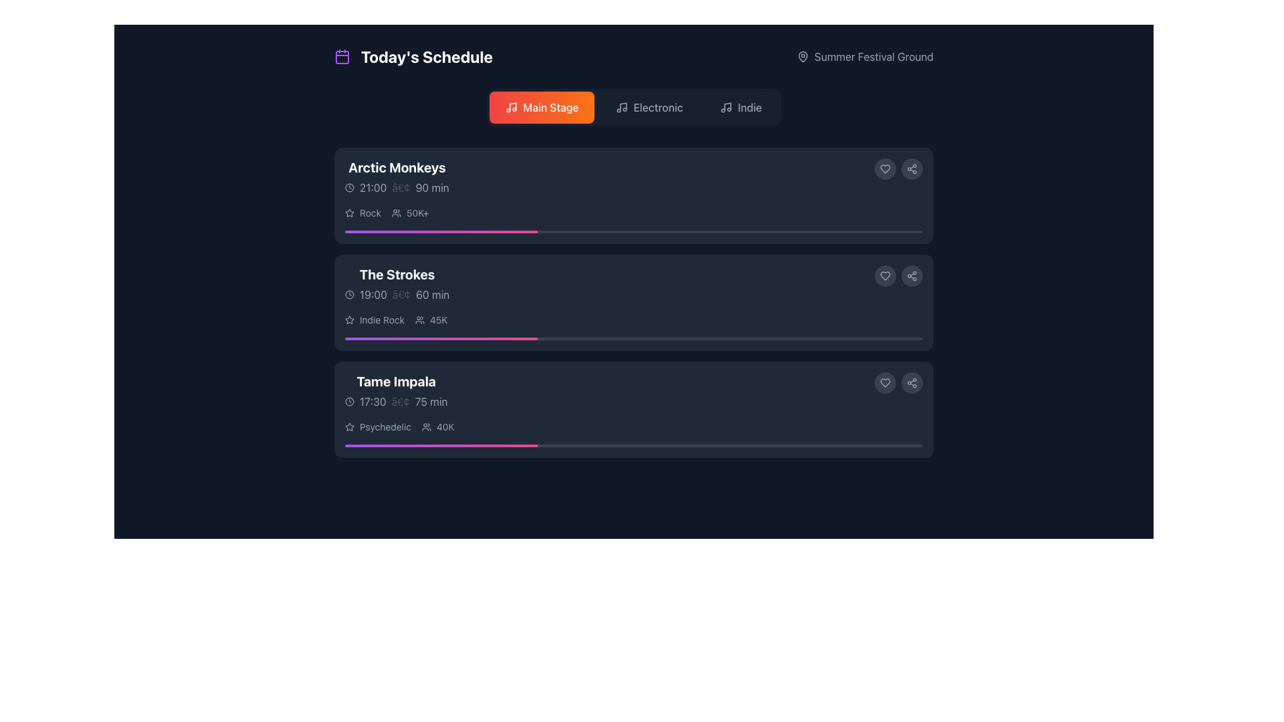 Image resolution: width=1284 pixels, height=722 pixels. What do you see at coordinates (885, 275) in the screenshot?
I see `the heart outline icon button located in the second block of the event list` at bounding box center [885, 275].